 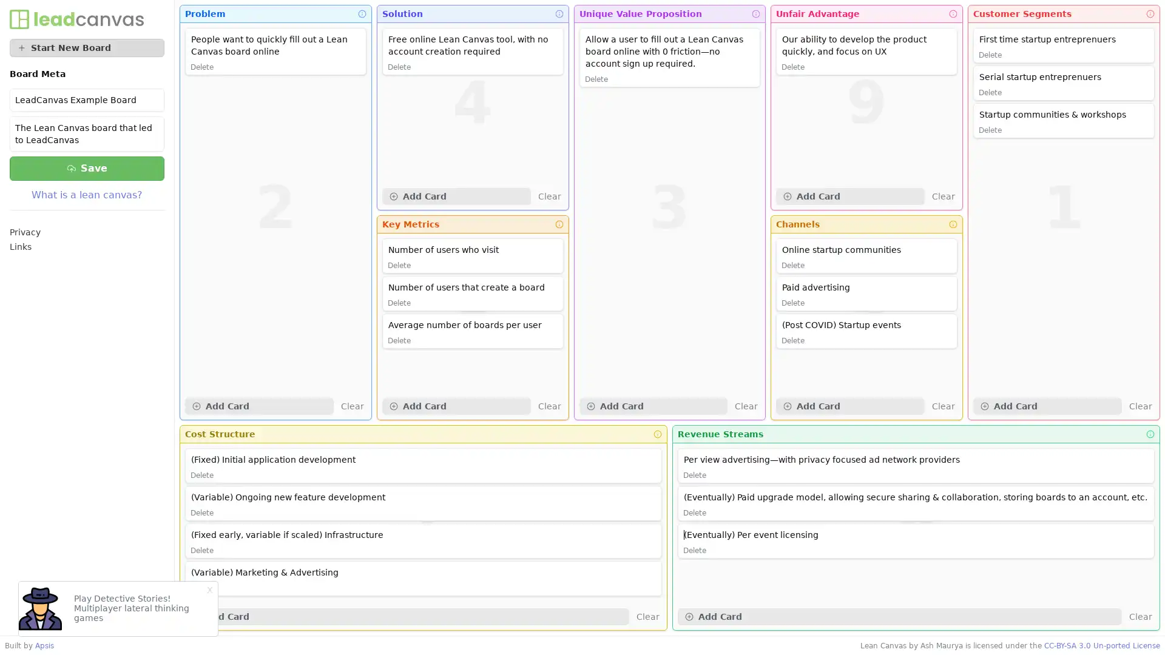 What do you see at coordinates (549, 406) in the screenshot?
I see `Clear` at bounding box center [549, 406].